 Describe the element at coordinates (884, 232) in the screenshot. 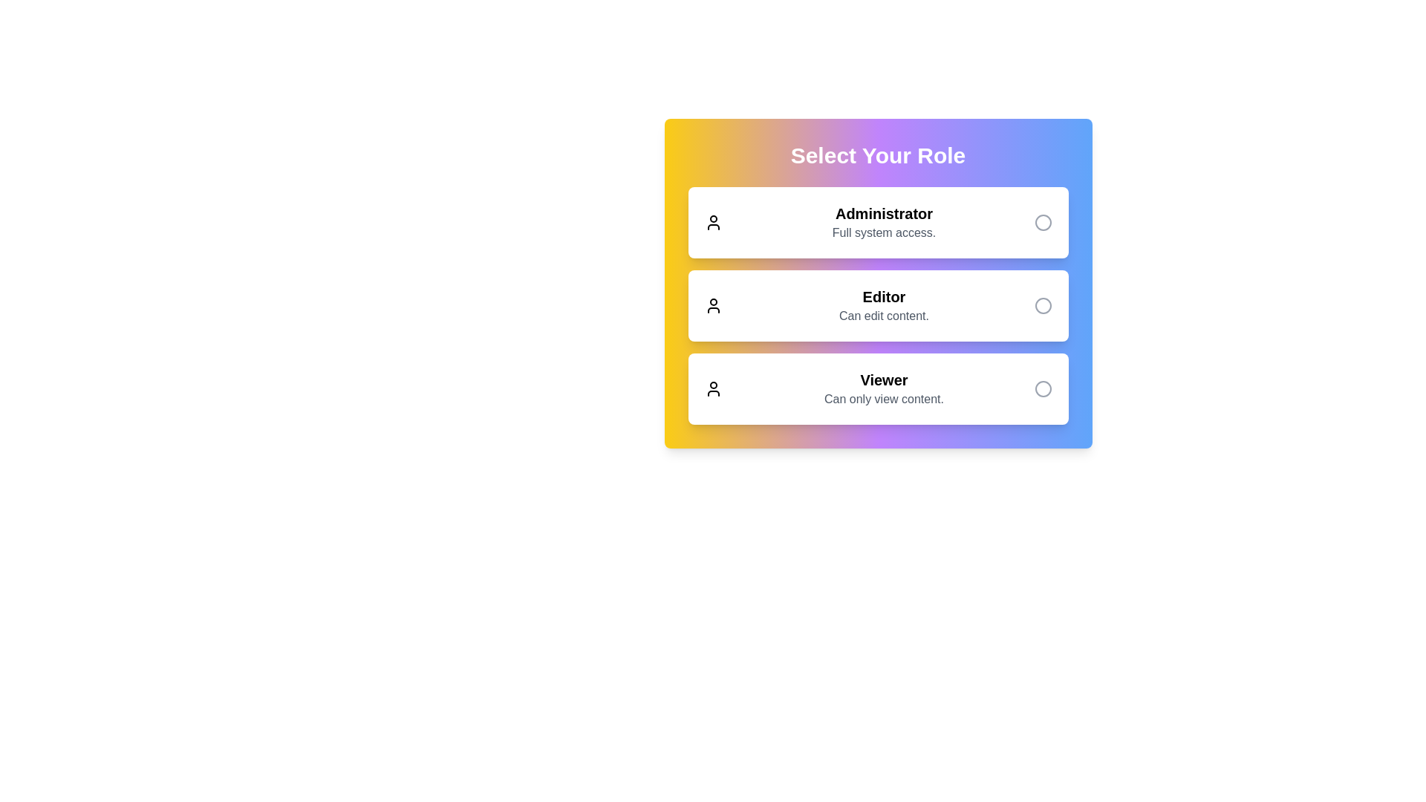

I see `the Text label providing clarification about the permissions or capabilities granted by the 'Administrator' role, located within the 'Administrator' card under 'Select Your Role'` at that location.